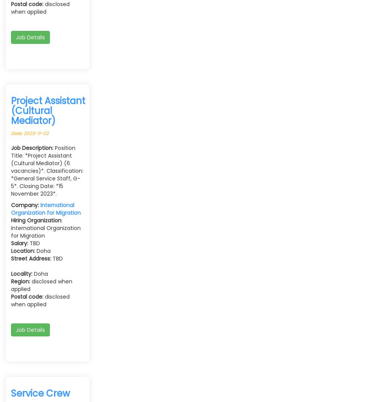 The height and width of the screenshot is (402, 377). What do you see at coordinates (23, 250) in the screenshot?
I see `'Location:'` at bounding box center [23, 250].